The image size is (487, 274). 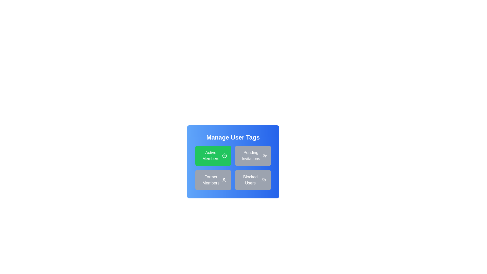 What do you see at coordinates (251, 155) in the screenshot?
I see `the 'Pending Invitations' label/button located in the top-right quadrant of the grid layout, adjacent to 'Active Members' and above 'Blocked Users'` at bounding box center [251, 155].